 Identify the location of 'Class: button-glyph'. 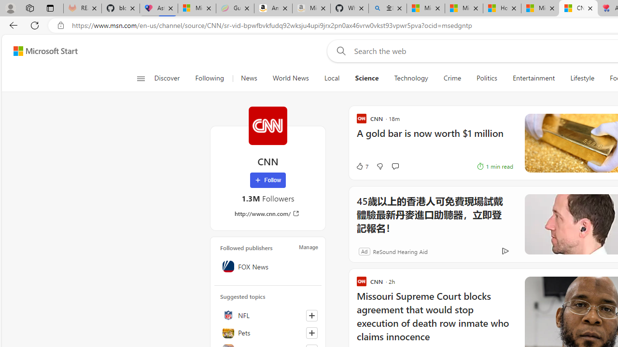
(140, 78).